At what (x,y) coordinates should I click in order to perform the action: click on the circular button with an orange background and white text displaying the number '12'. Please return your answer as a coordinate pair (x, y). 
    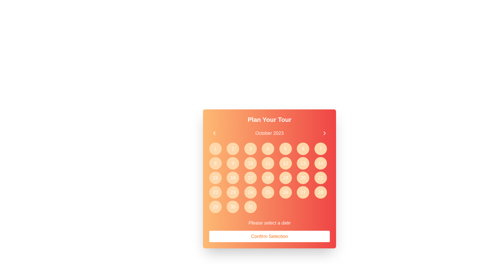
    Looking at the image, I should click on (285, 163).